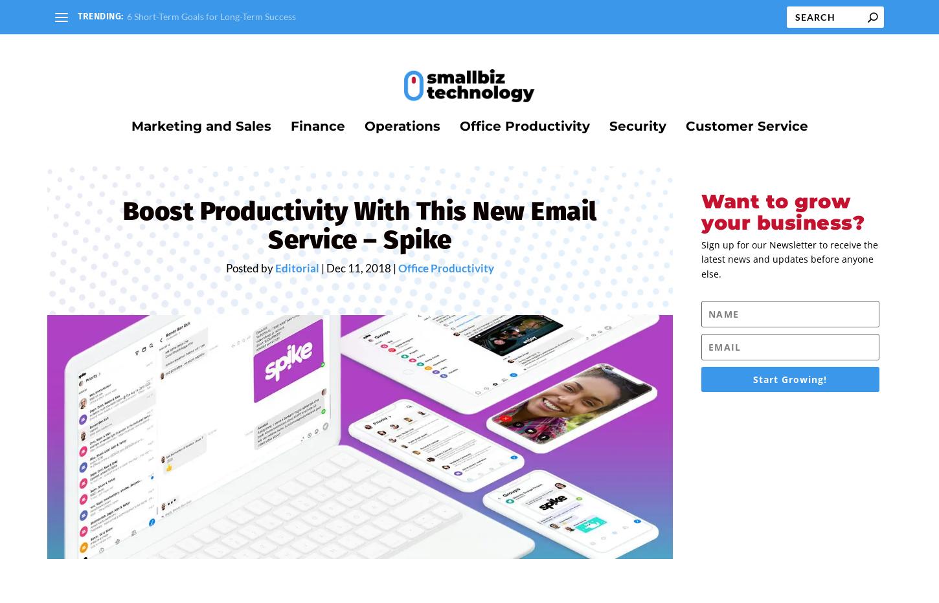 The width and height of the screenshot is (939, 603). I want to click on 'Editorial', so click(296, 276).